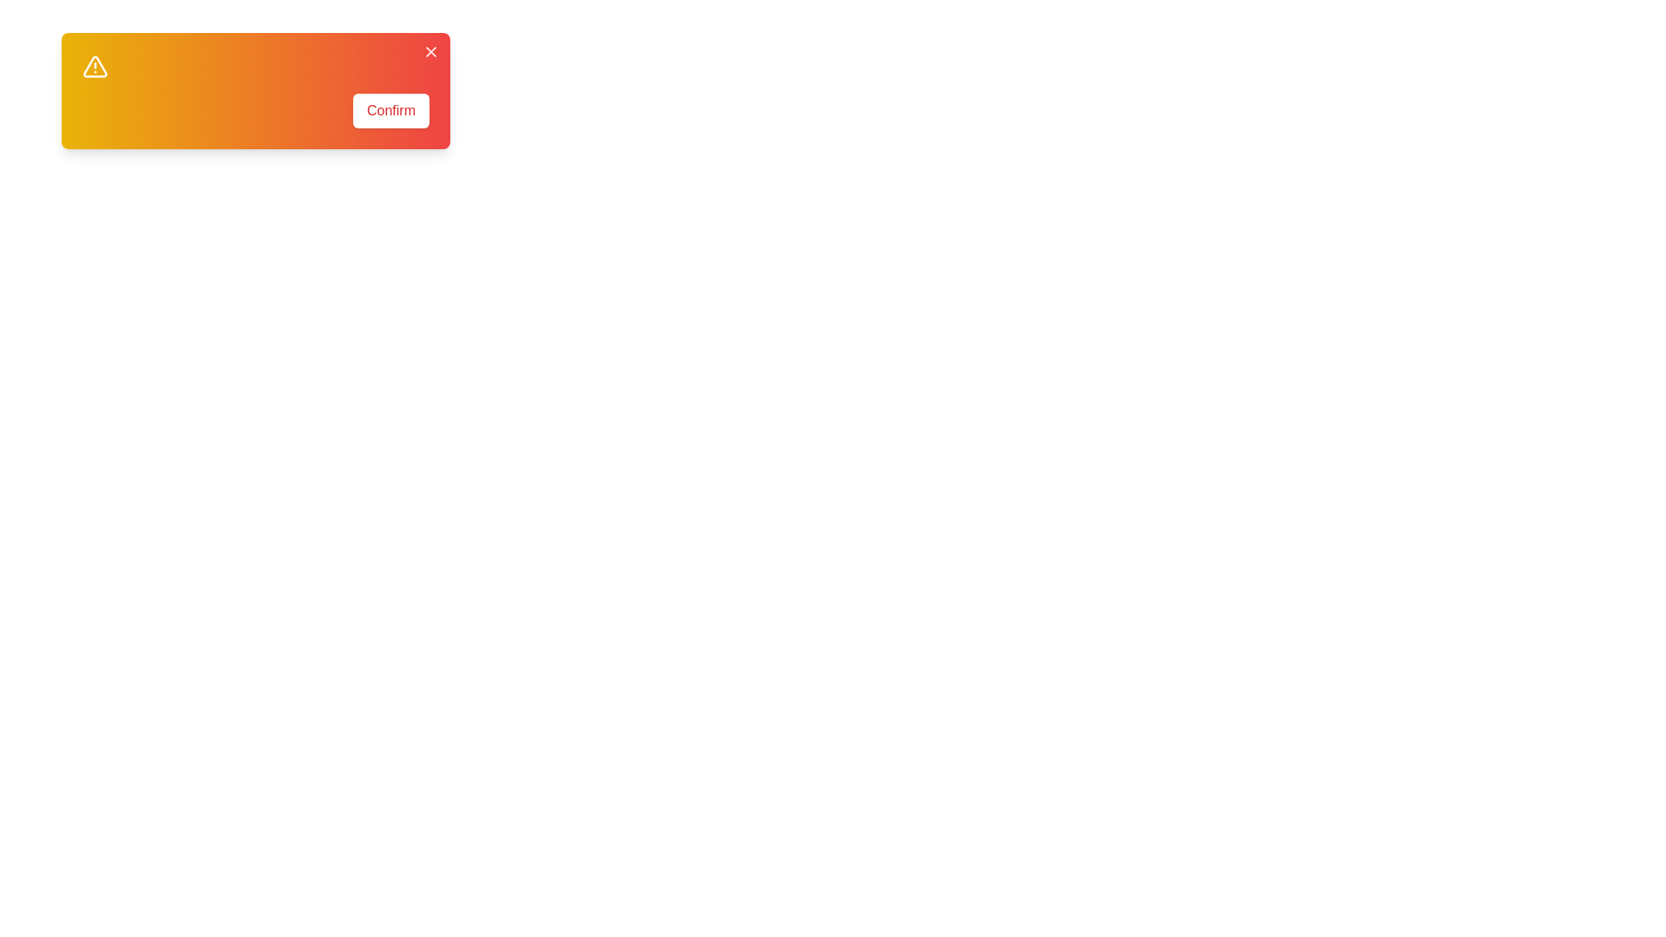 This screenshot has height=937, width=1666. Describe the element at coordinates (390, 110) in the screenshot. I see `the 'Confirm' button located in the bottom-right corner of the dialog box to confirm` at that location.